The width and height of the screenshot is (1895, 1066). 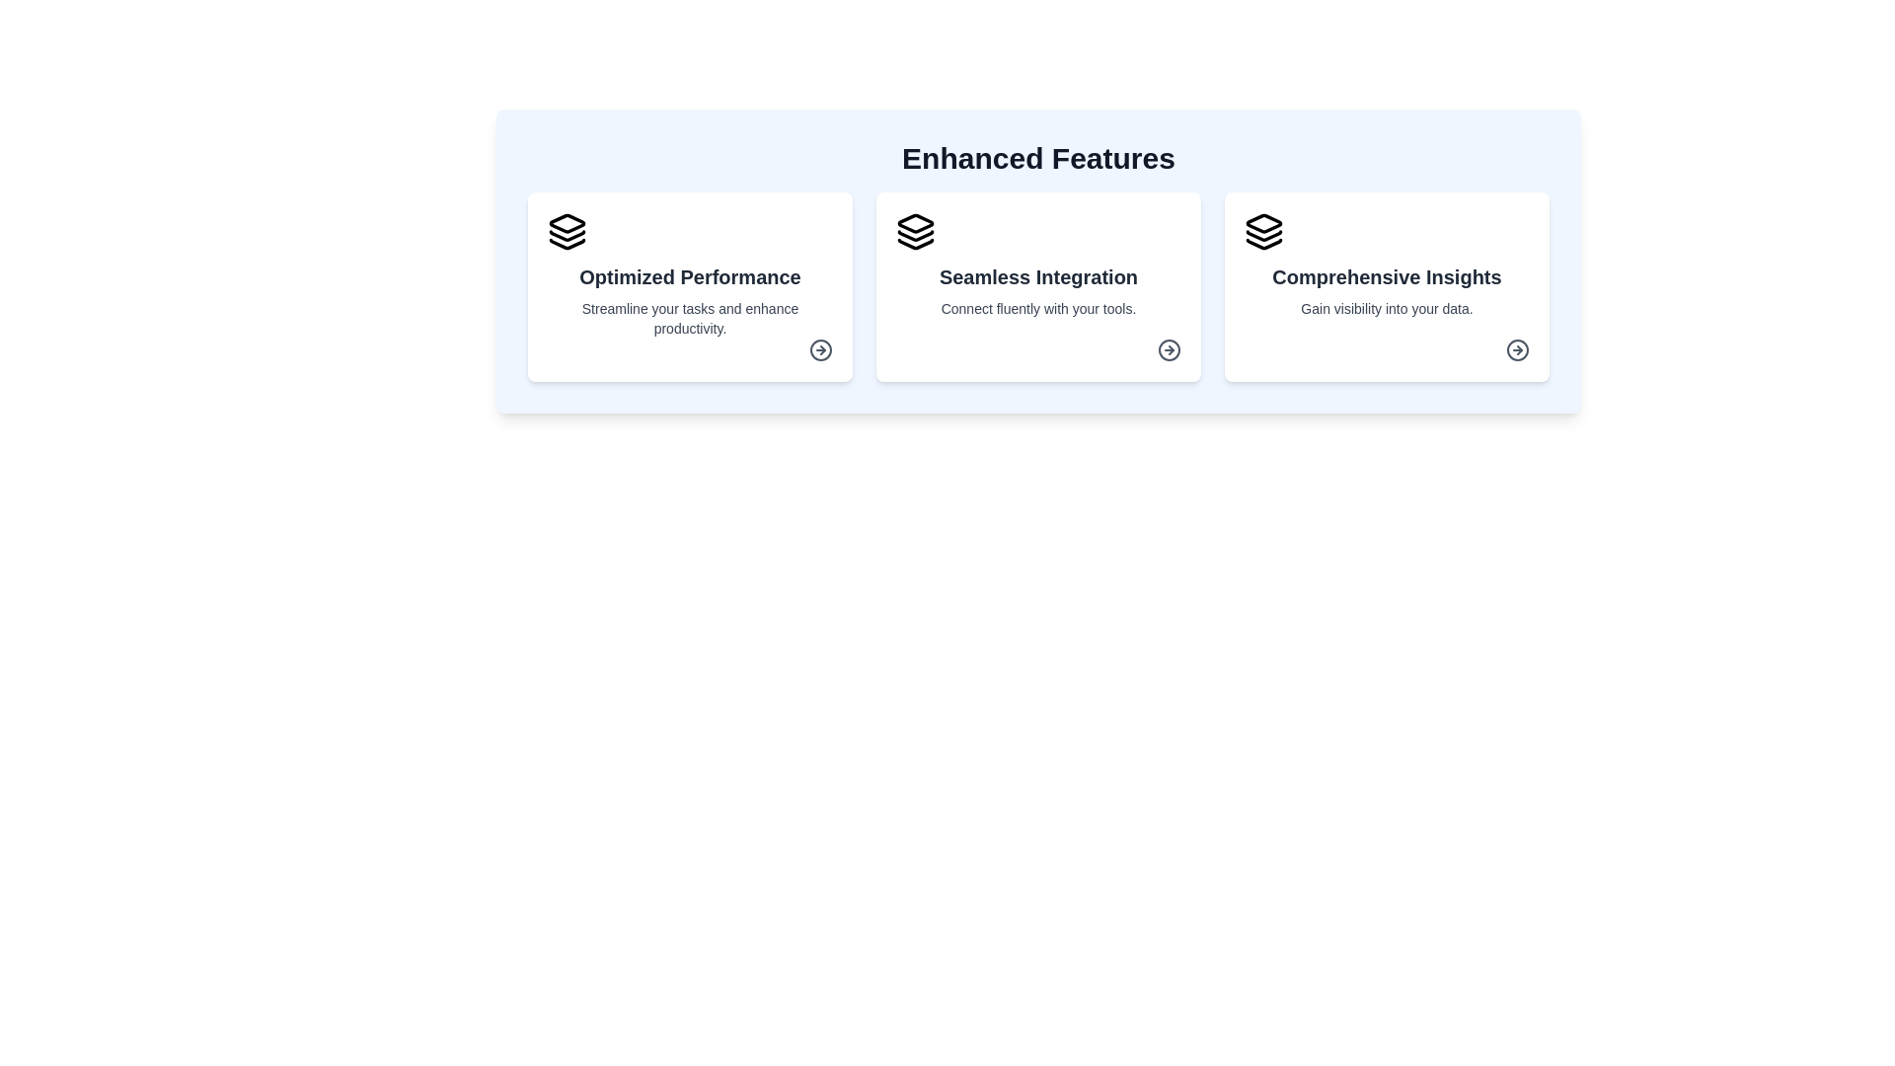 What do you see at coordinates (567, 231) in the screenshot?
I see `the stacked elements icon located at the top-left corner of the card titled 'Optimized Performance', which is positioned directly above the card's text content` at bounding box center [567, 231].